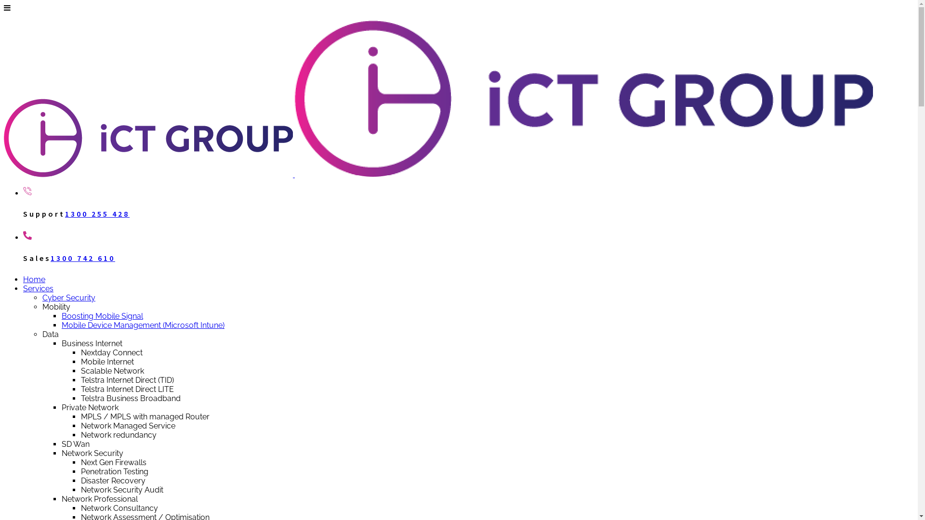 The height and width of the screenshot is (520, 925). Describe the element at coordinates (83, 258) in the screenshot. I see `'1300 742 610'` at that location.